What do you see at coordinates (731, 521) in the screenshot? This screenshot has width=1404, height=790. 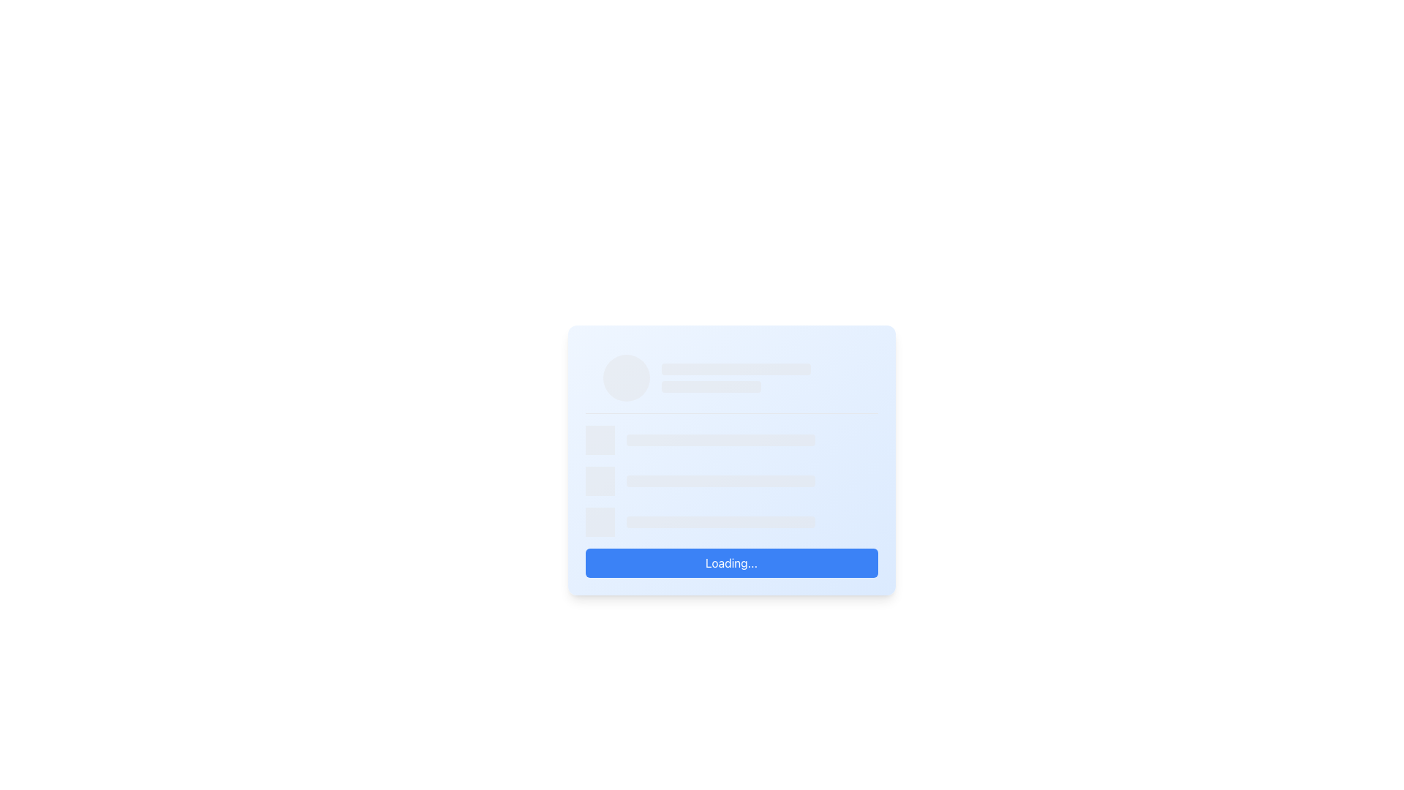 I see `the loading animation of the grey, rounded rectangle placeholder loading bar located in the third slot of the vertical layout, positioned above the blue button labeled 'Loading...'` at bounding box center [731, 521].